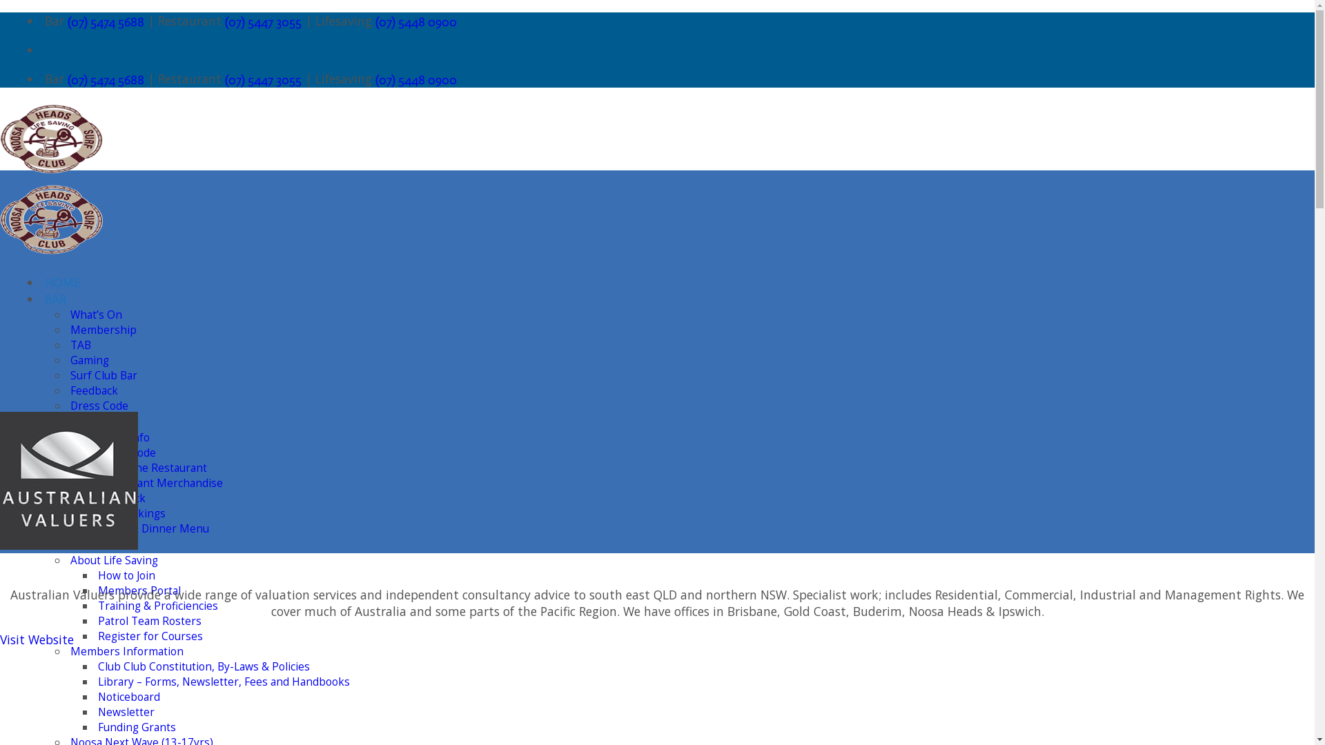 Image resolution: width=1325 pixels, height=745 pixels. What do you see at coordinates (137, 726) in the screenshot?
I see `'Funding Grants'` at bounding box center [137, 726].